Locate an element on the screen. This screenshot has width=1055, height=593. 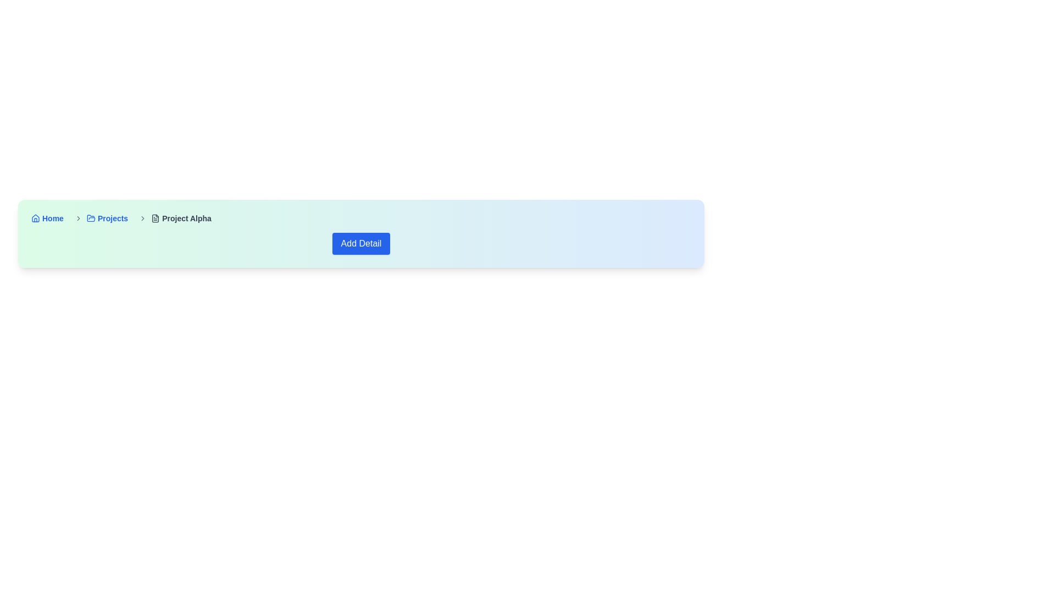
the visual separator icon in the breadcrumb navigation system located between the 'Home' and 'Projects' links is located at coordinates (77, 218).